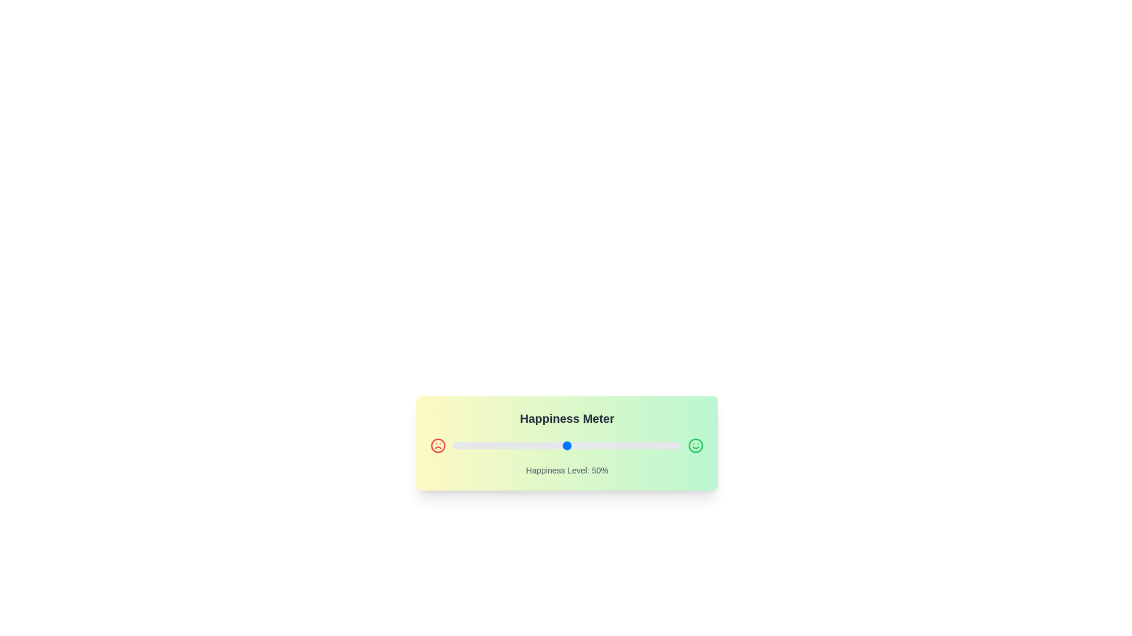  What do you see at coordinates (696, 445) in the screenshot?
I see `the smile icon to interact with it` at bounding box center [696, 445].